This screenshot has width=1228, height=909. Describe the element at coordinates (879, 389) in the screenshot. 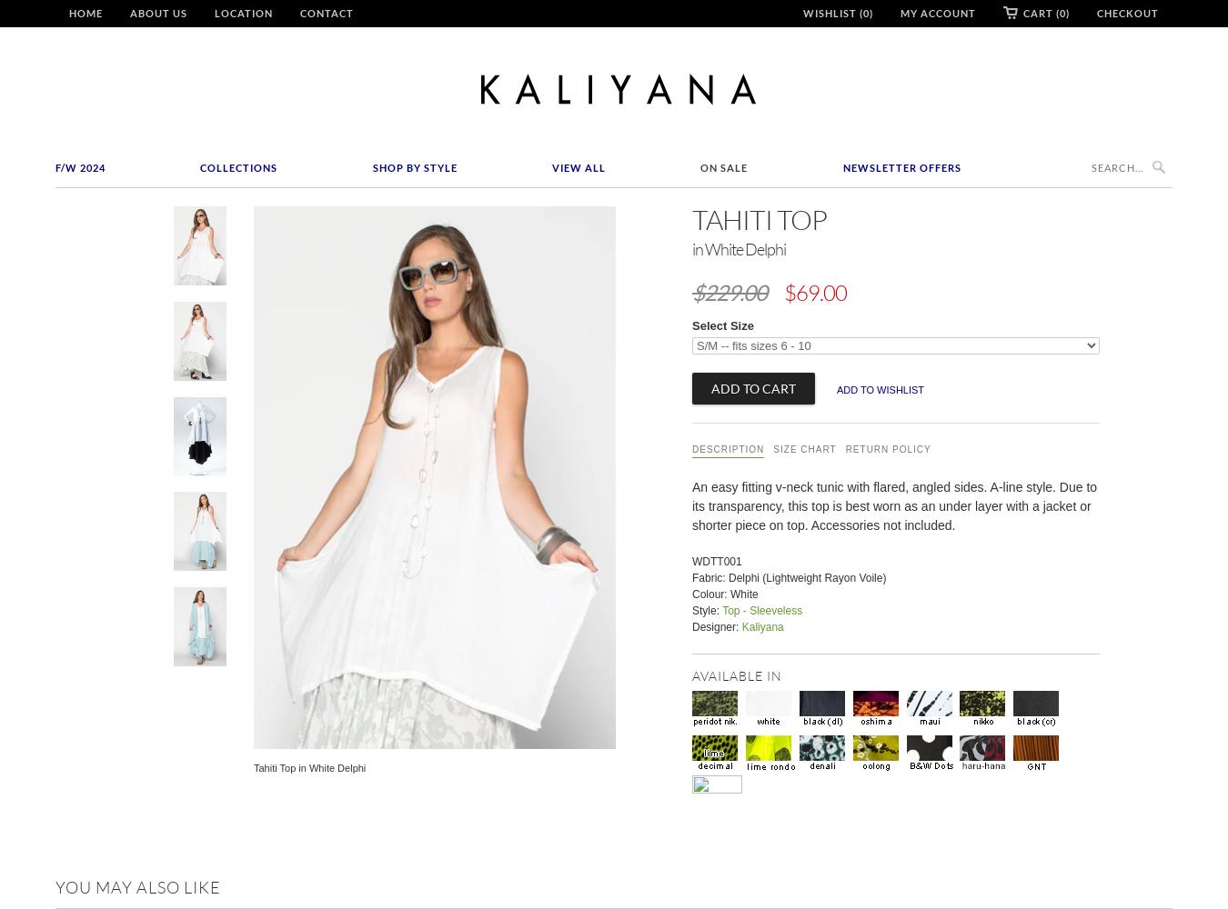

I see `'Add to Wishlist'` at that location.